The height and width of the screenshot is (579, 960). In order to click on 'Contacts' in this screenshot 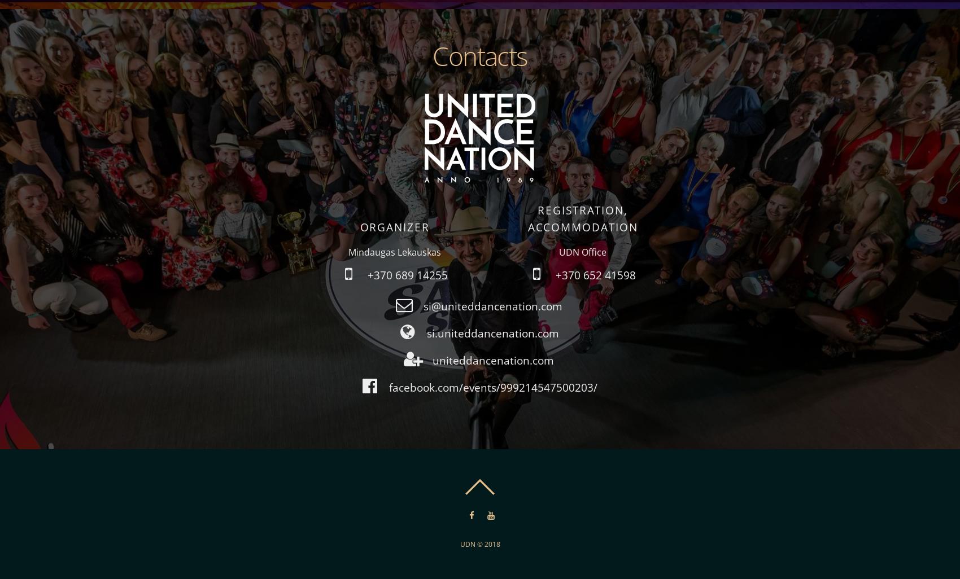, I will do `click(432, 54)`.